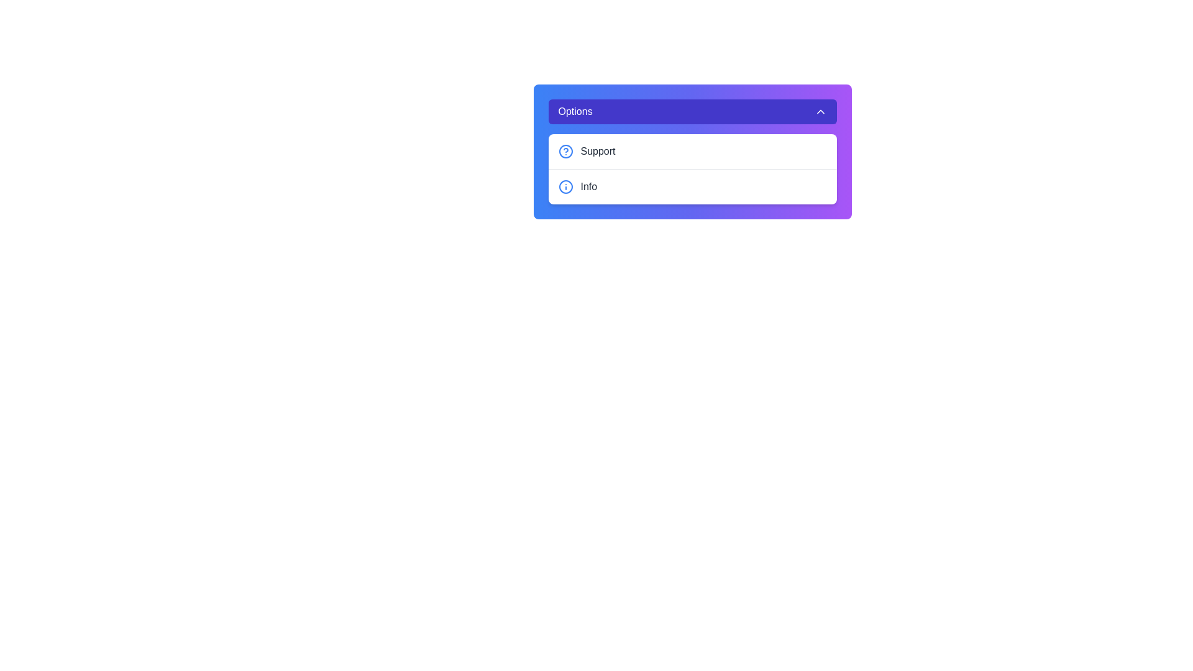 The height and width of the screenshot is (671, 1193). I want to click on the blue circle icon with a question mark, so click(565, 150).